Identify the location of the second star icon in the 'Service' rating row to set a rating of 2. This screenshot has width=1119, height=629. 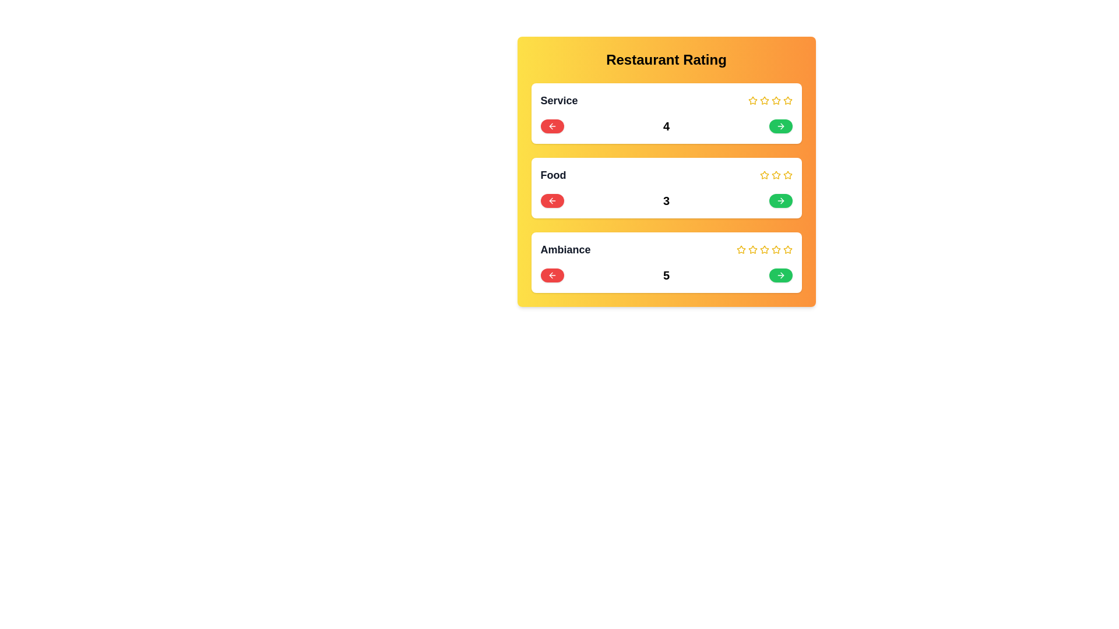
(775, 100).